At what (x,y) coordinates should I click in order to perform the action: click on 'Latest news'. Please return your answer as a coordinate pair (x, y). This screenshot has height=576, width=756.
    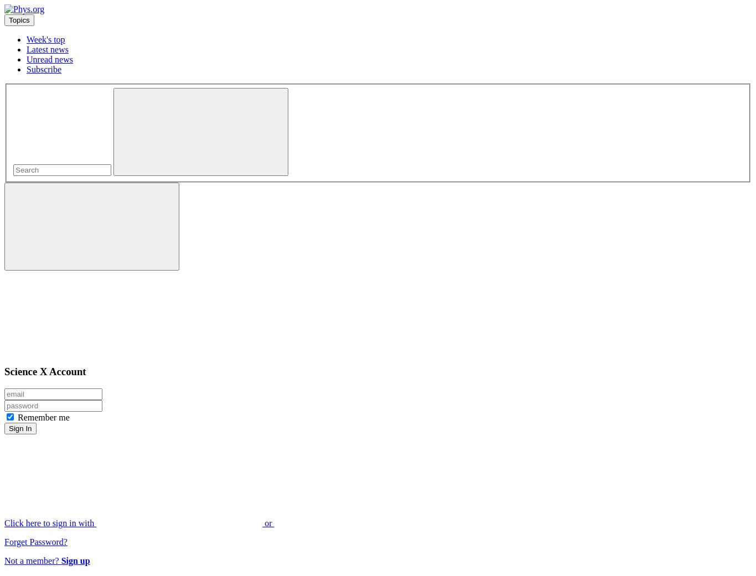
    Looking at the image, I should click on (47, 49).